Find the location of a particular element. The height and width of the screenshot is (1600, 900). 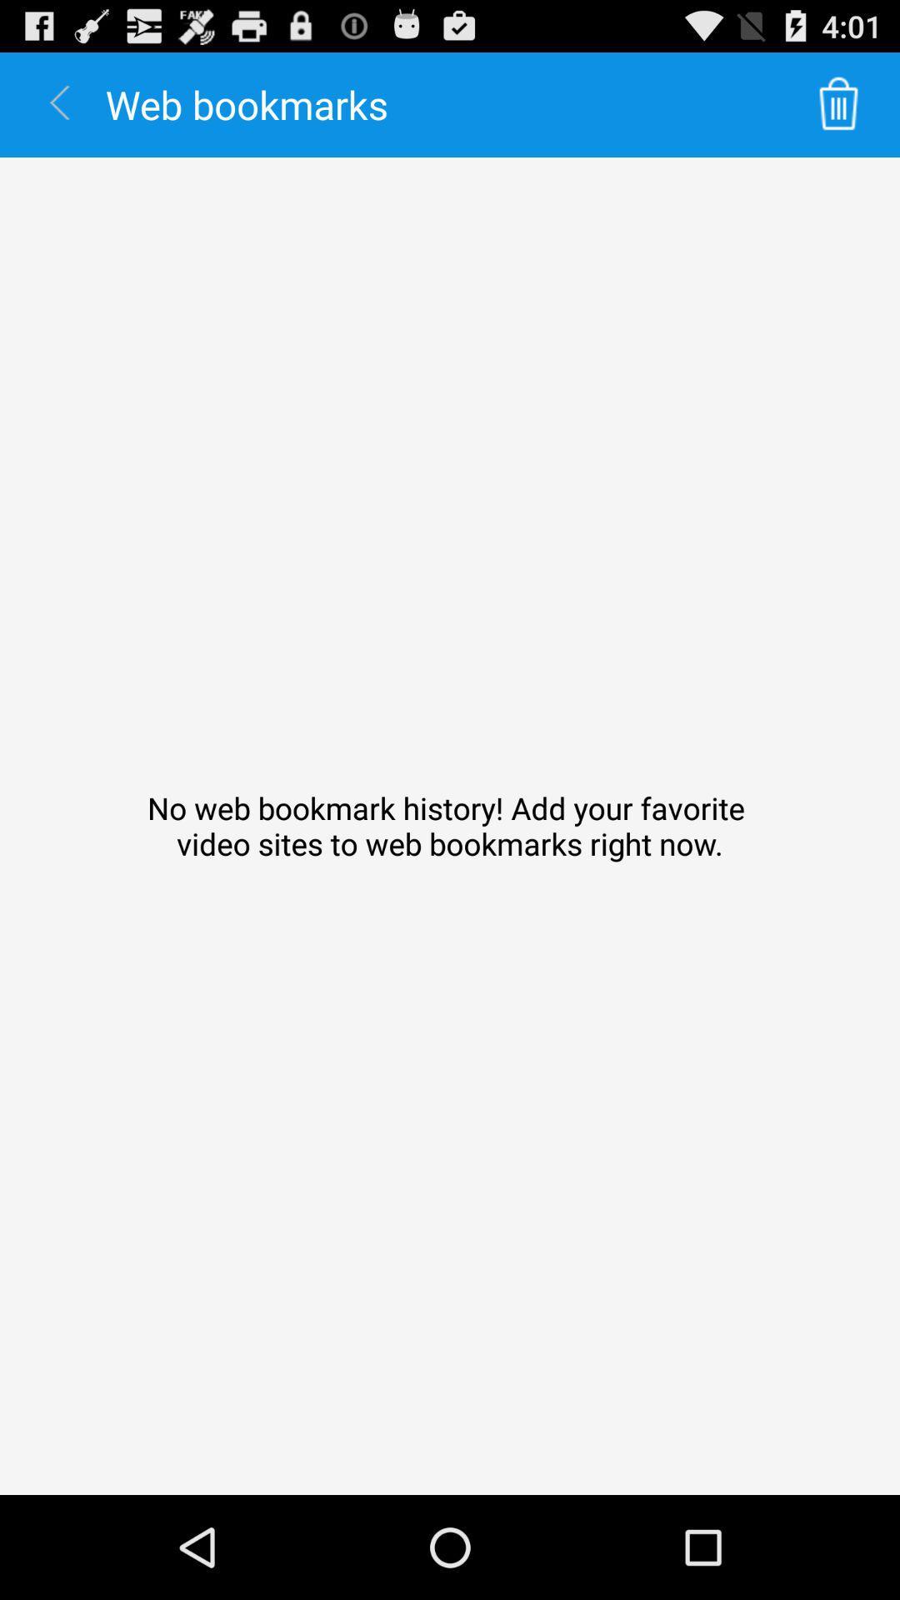

icon to the right of the web bookmarks app is located at coordinates (838, 103).